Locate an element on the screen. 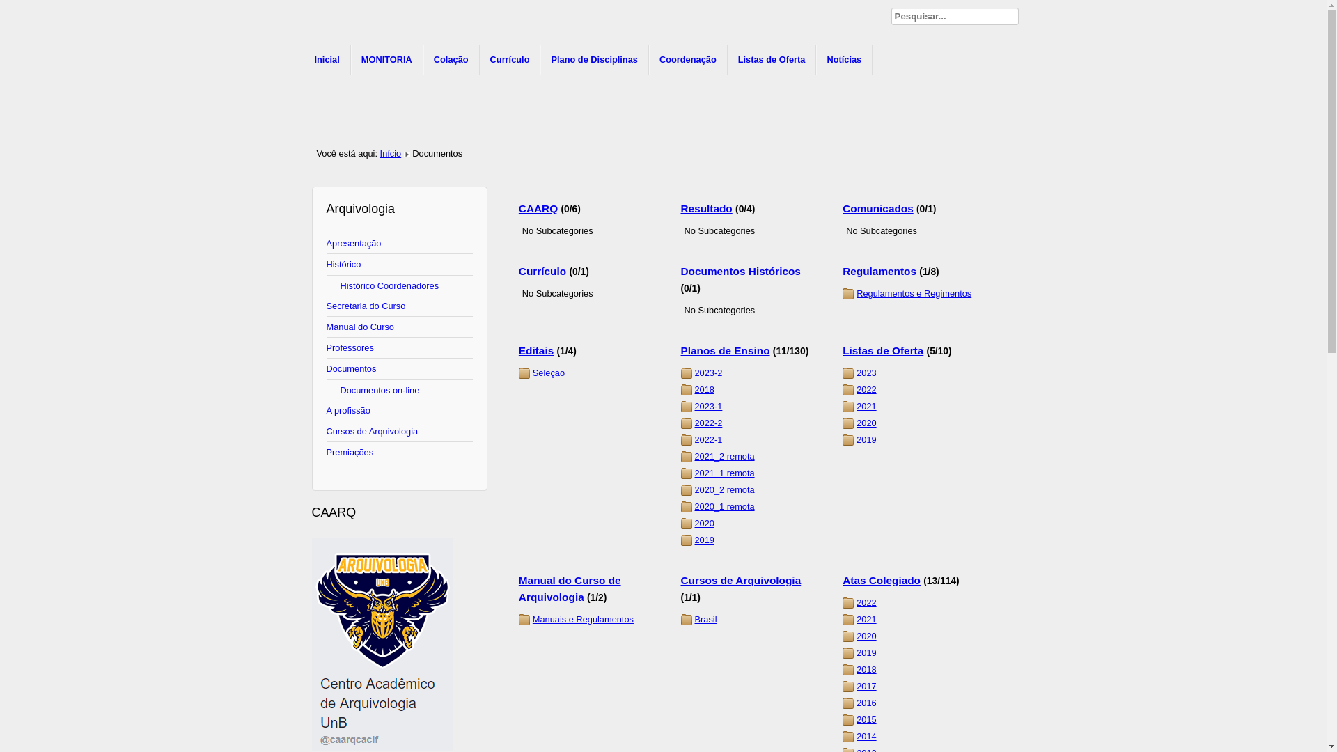 Image resolution: width=1337 pixels, height=752 pixels. 'Manuais e Regulamentos' is located at coordinates (583, 618).